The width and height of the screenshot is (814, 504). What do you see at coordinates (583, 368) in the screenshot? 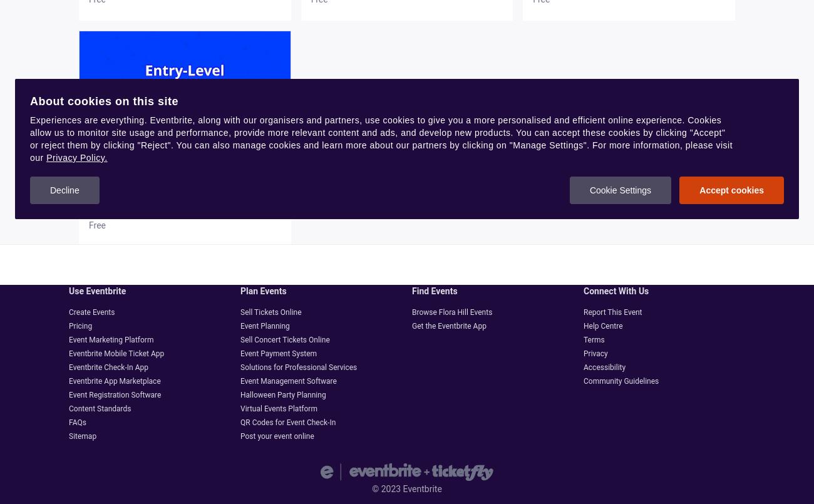
I see `'Accessibility'` at bounding box center [583, 368].